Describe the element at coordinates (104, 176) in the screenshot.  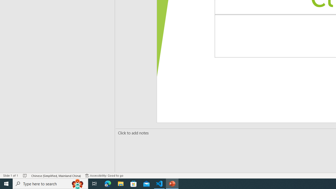
I see `'Accessibility Checker Accessibility: Good to go'` at that location.